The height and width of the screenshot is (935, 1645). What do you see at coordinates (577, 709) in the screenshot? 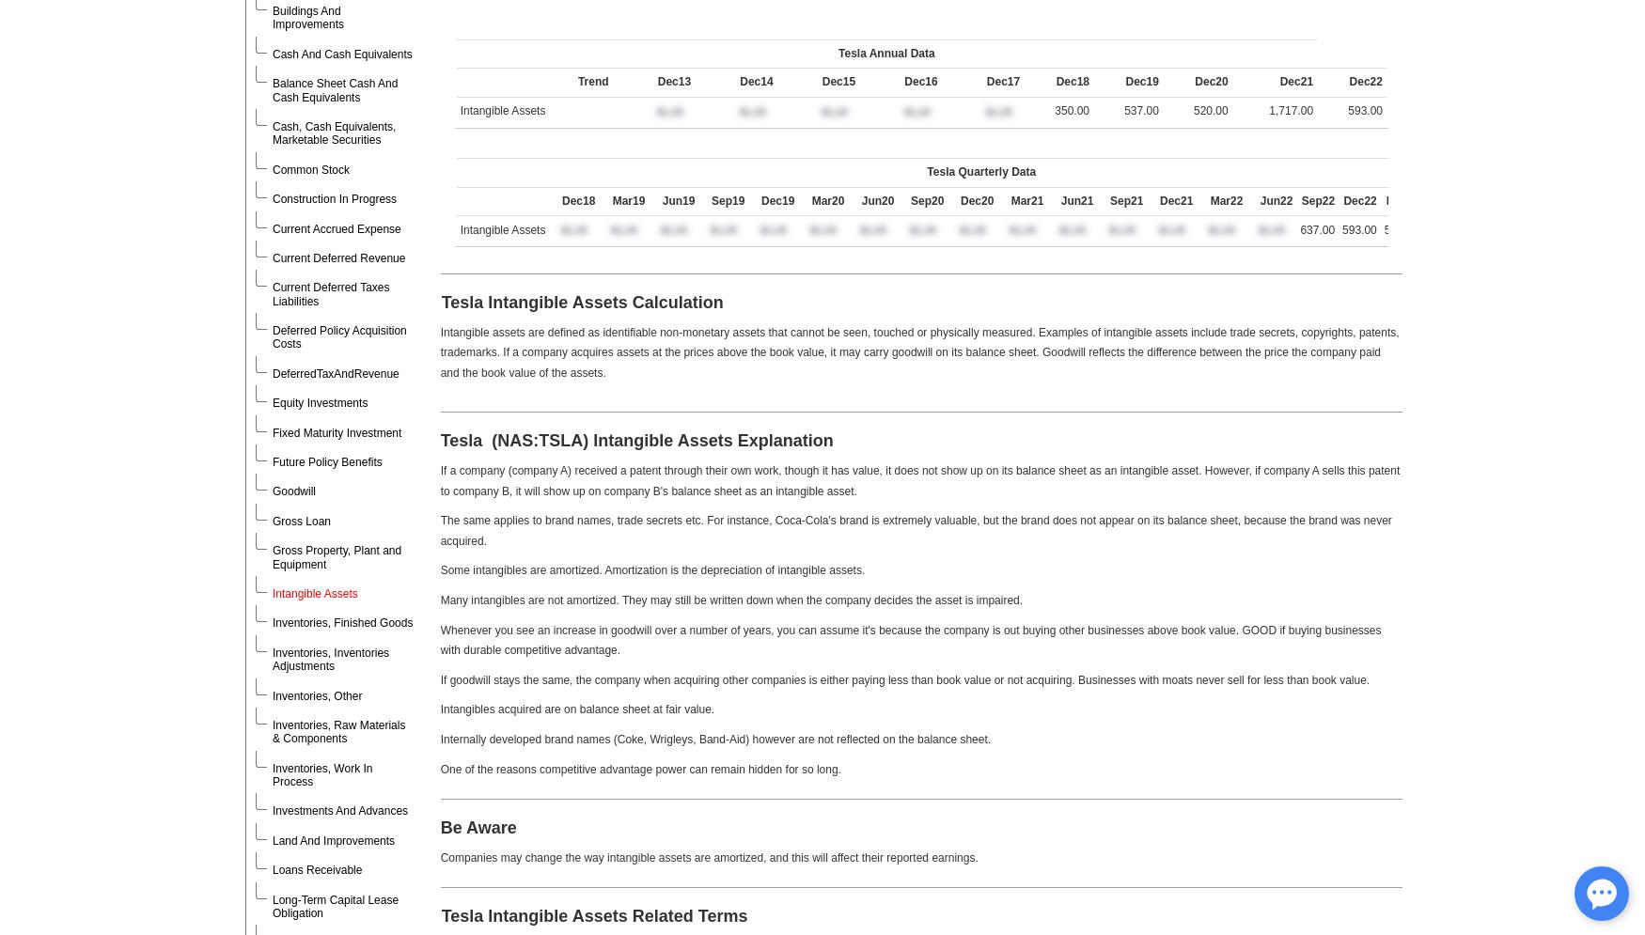
I see `'Intangibles acquired are on balance sheet at fair value.'` at bounding box center [577, 709].